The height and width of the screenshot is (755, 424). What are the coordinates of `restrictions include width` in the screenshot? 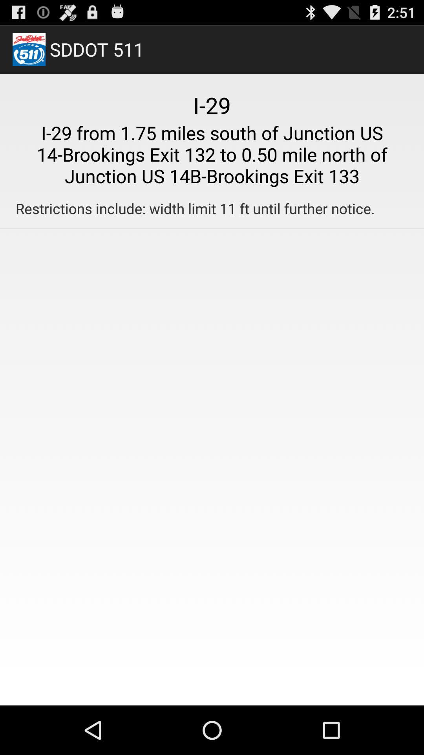 It's located at (195, 208).